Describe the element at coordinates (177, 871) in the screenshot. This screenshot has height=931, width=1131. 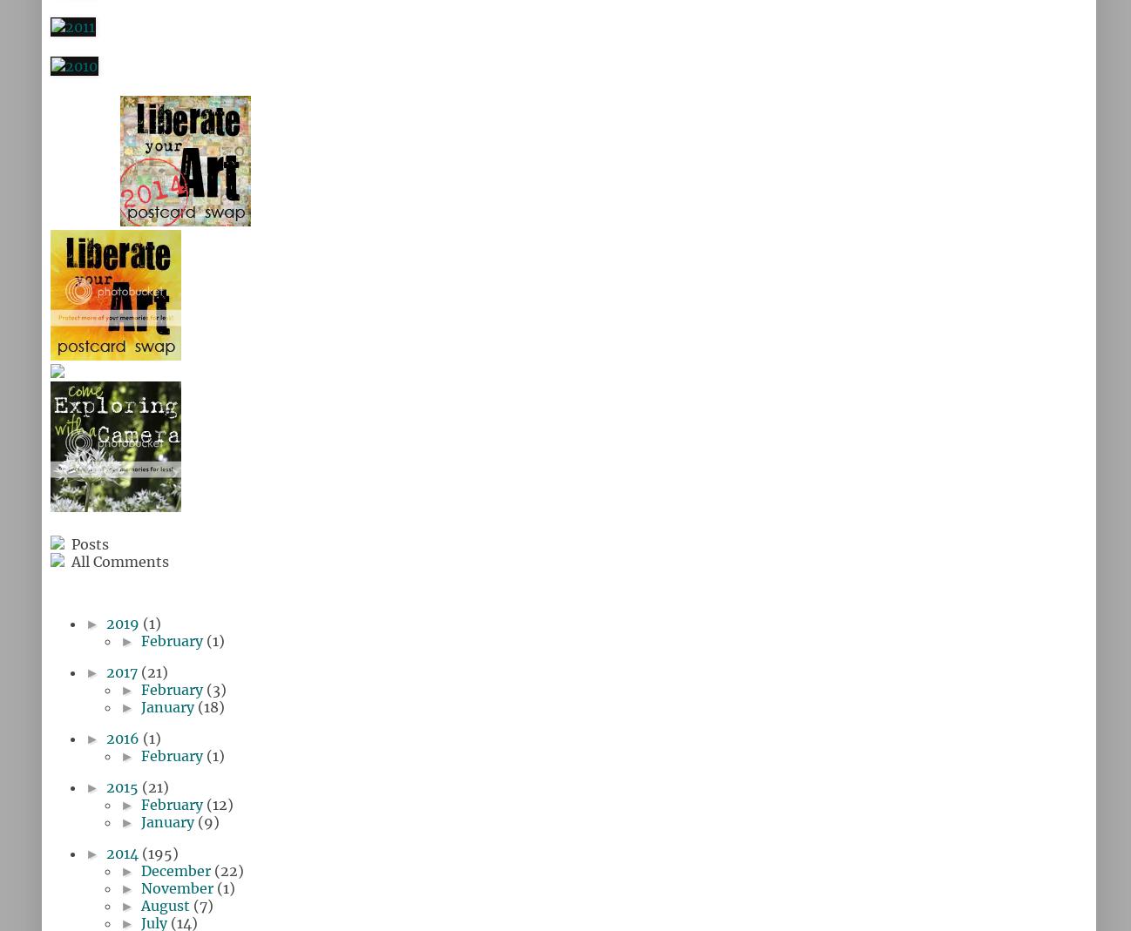
I see `'December'` at that location.